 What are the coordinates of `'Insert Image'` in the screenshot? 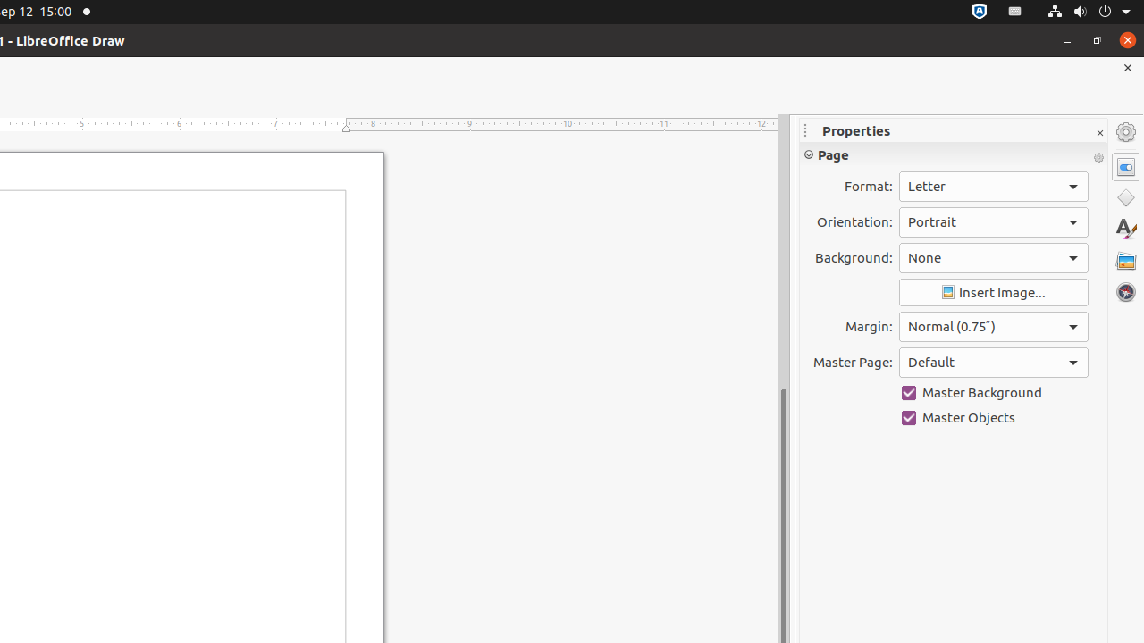 It's located at (992, 291).